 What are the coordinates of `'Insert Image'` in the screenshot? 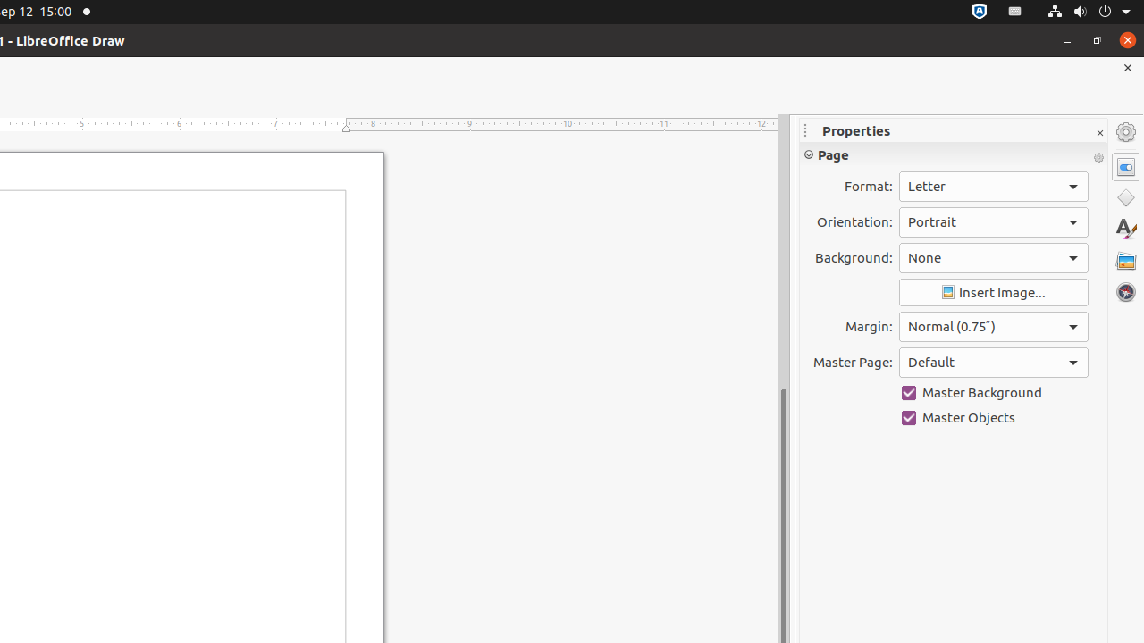 It's located at (992, 291).